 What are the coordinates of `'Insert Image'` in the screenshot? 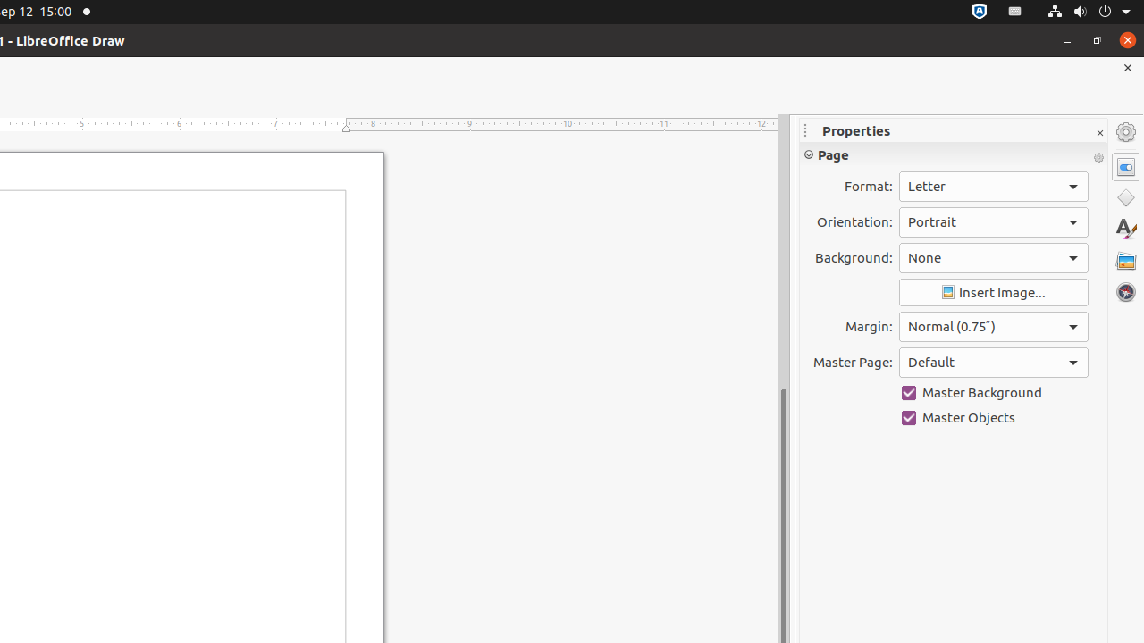 It's located at (992, 291).